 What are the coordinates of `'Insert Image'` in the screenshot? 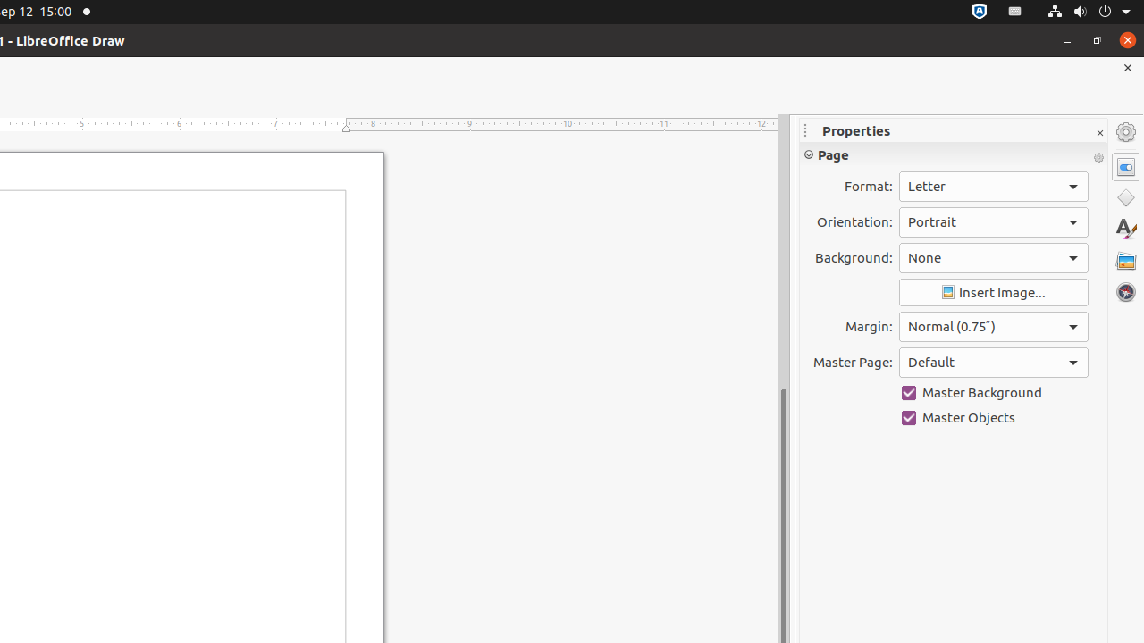 It's located at (992, 291).